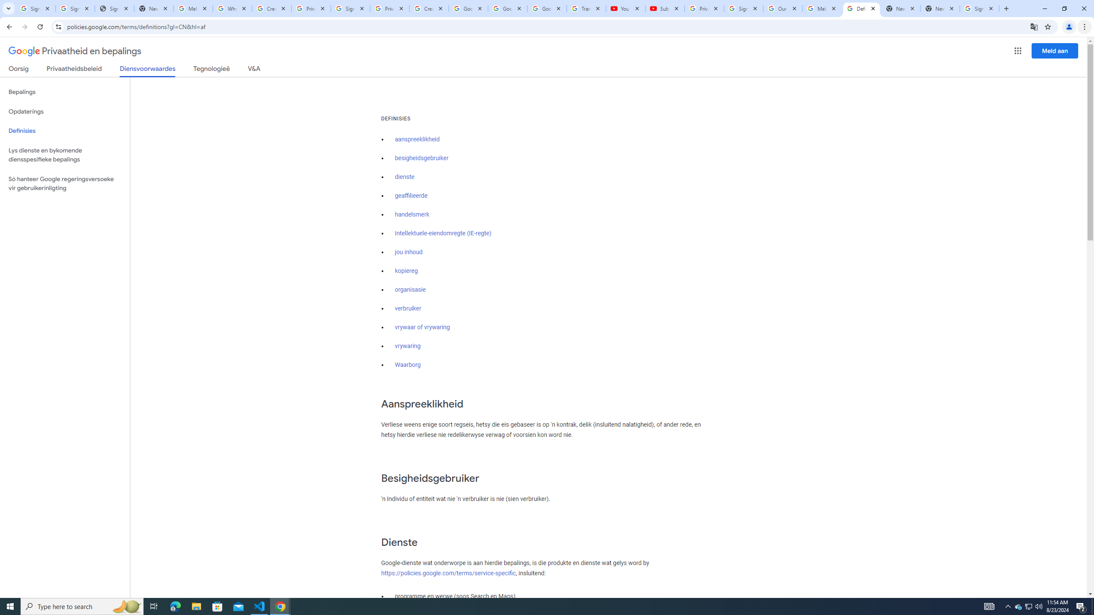 This screenshot has height=615, width=1094. I want to click on 'Sign in - Google Accounts', so click(979, 8).